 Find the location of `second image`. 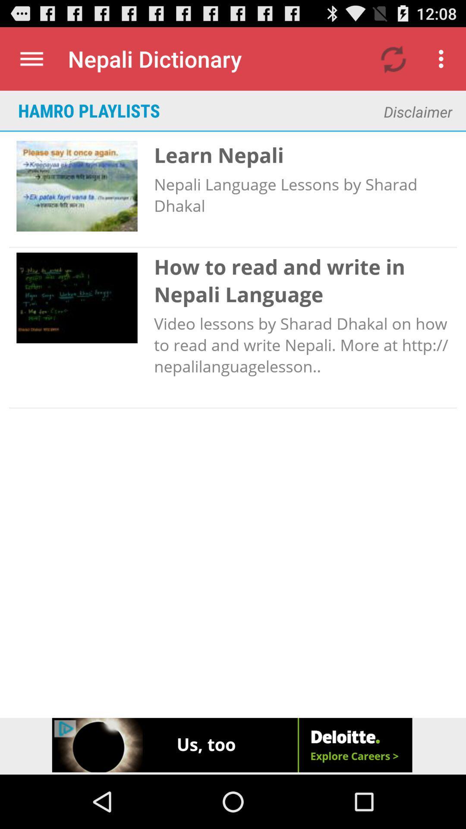

second image is located at coordinates (76, 298).